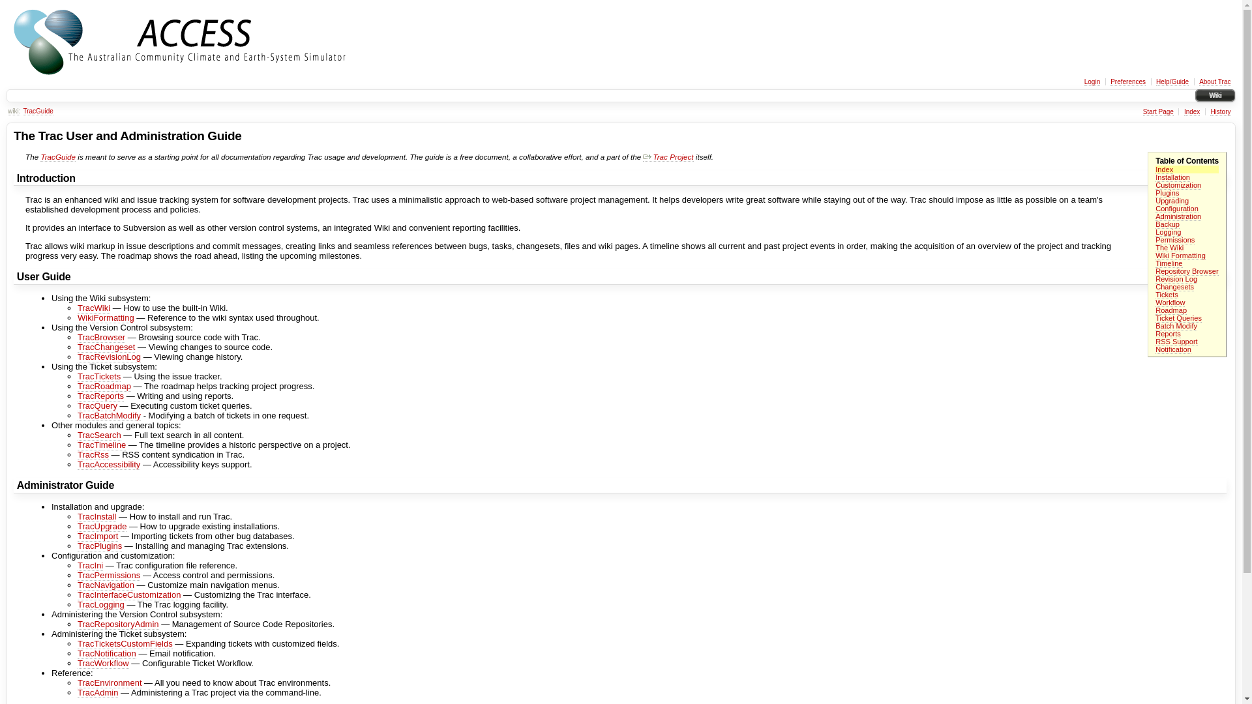 Image resolution: width=1252 pixels, height=704 pixels. What do you see at coordinates (1186, 271) in the screenshot?
I see `'Repository Browser'` at bounding box center [1186, 271].